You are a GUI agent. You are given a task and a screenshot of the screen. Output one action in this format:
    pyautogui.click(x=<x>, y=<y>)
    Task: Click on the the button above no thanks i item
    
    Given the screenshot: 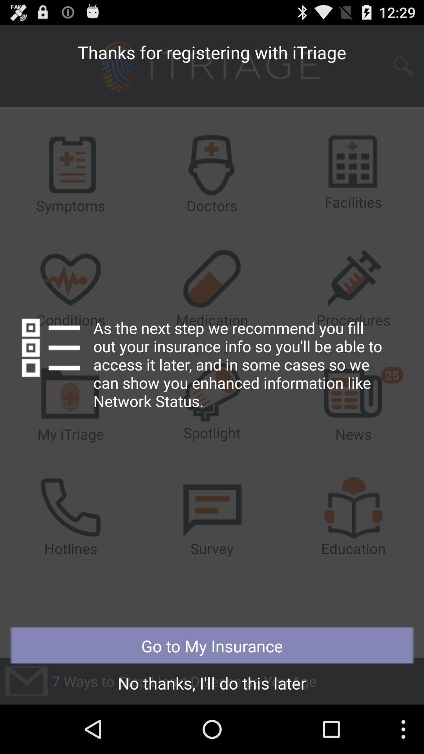 What is the action you would take?
    pyautogui.click(x=212, y=646)
    